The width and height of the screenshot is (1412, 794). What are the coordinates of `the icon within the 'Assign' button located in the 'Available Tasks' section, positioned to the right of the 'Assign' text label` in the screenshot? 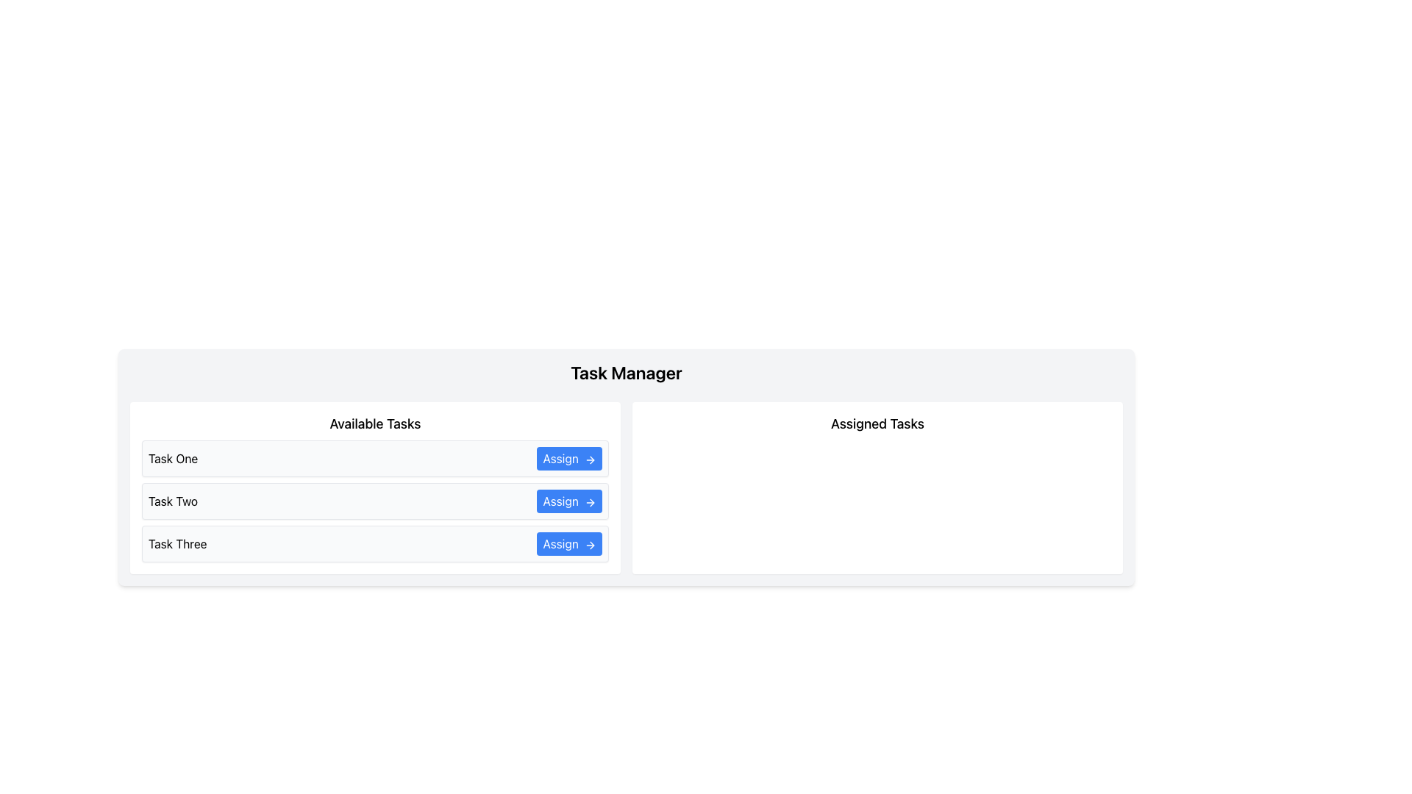 It's located at (590, 458).